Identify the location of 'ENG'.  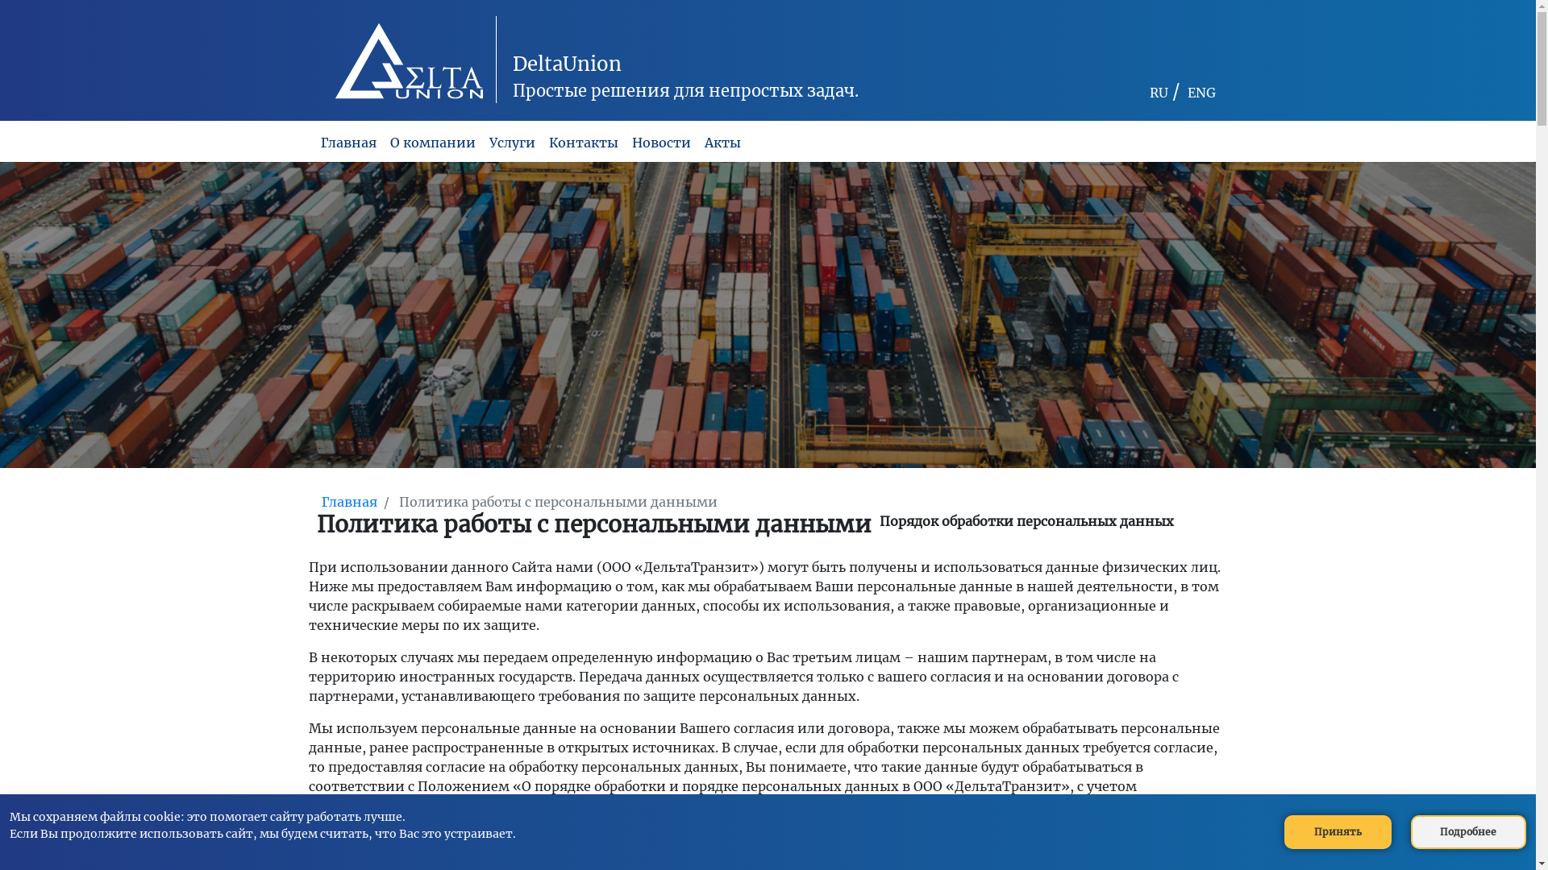
(1187, 93).